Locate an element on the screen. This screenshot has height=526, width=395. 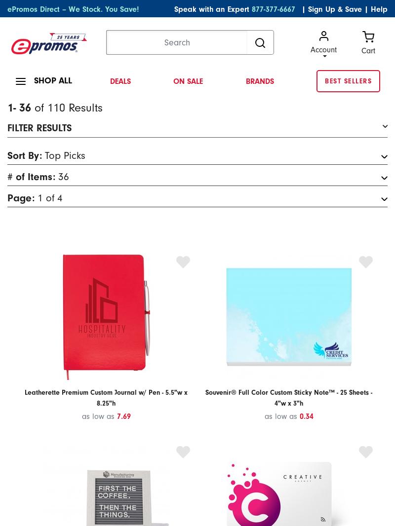
'ePromos Direct – We Stock. You Save!' is located at coordinates (73, 8).